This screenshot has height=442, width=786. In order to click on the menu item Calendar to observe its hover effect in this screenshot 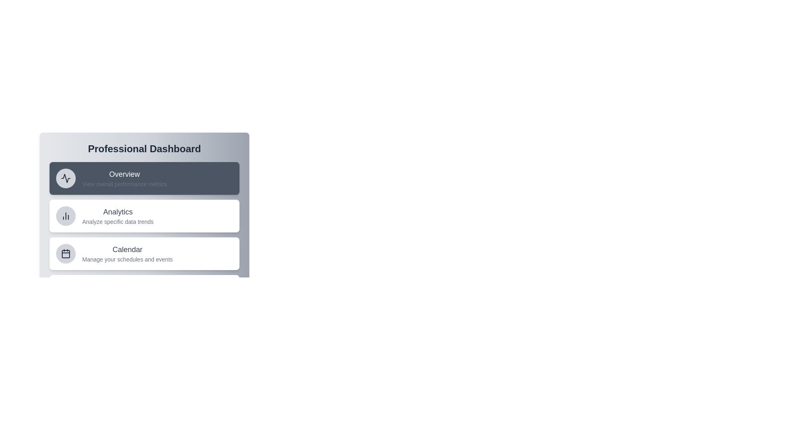, I will do `click(145, 253)`.